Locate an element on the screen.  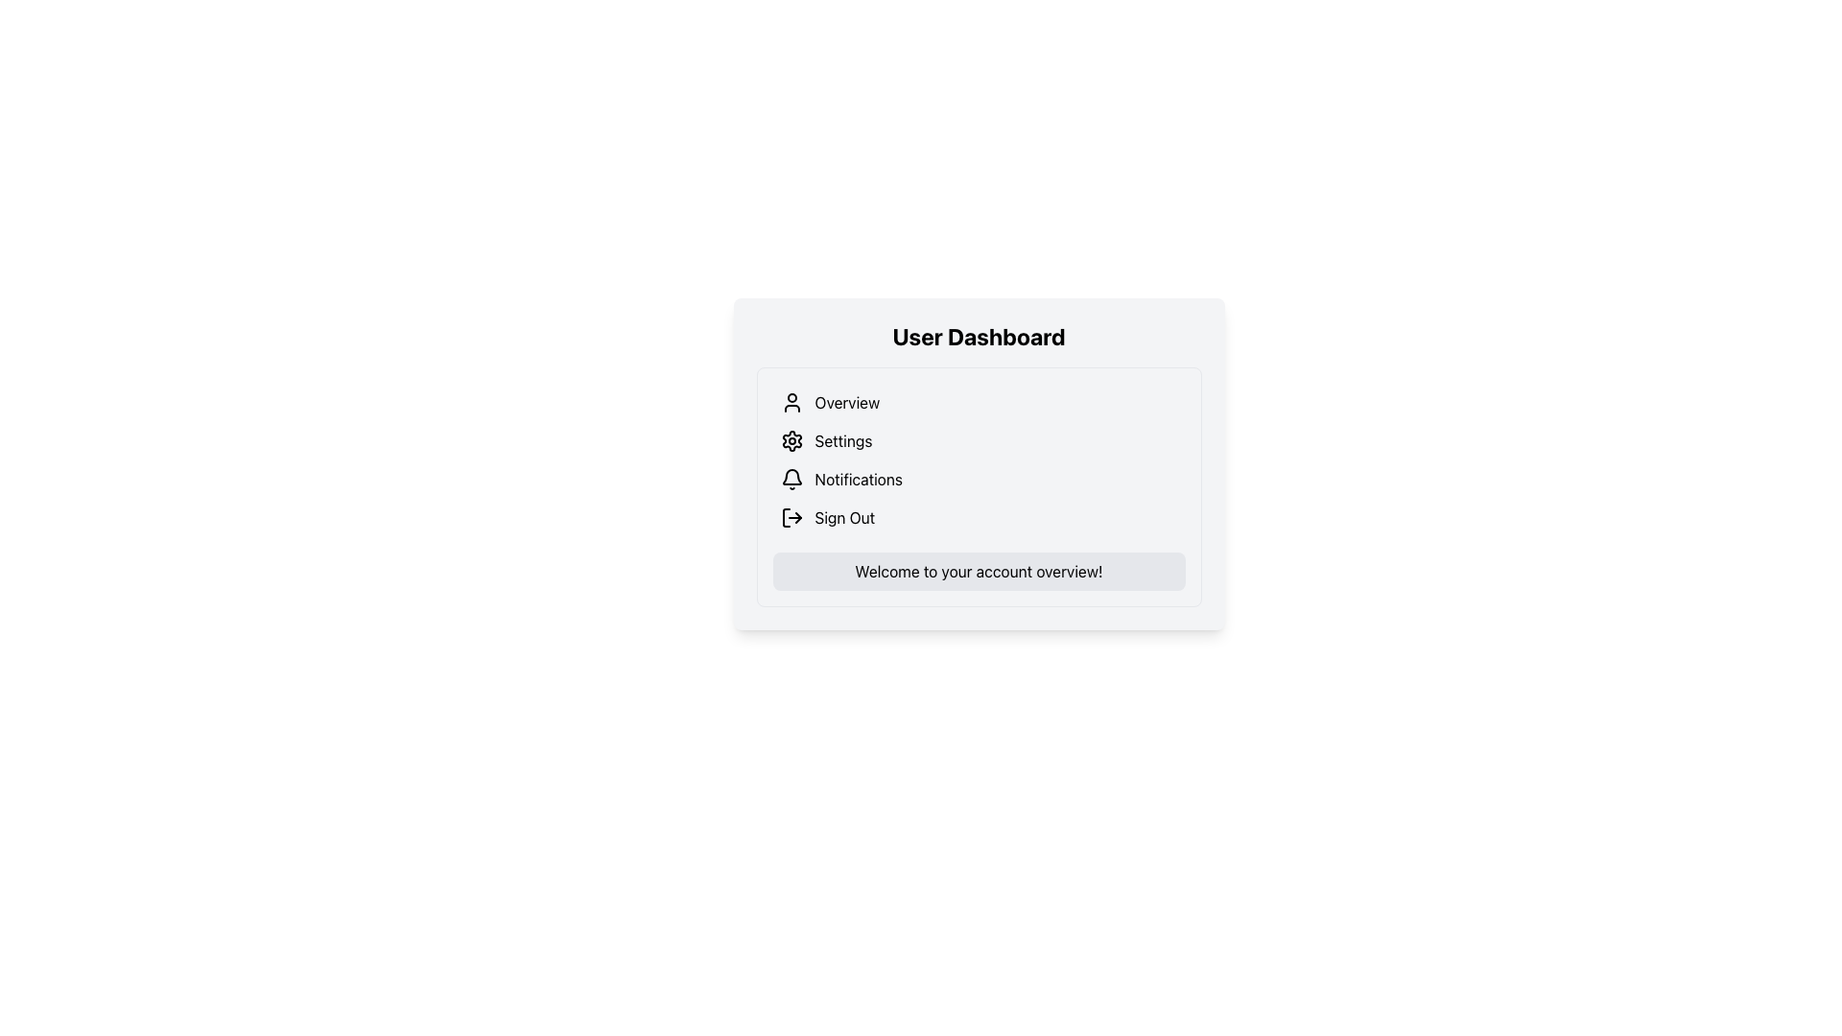
the bell-shaped graphic that represents the notifications feature in the dashboard interface is located at coordinates (791, 476).